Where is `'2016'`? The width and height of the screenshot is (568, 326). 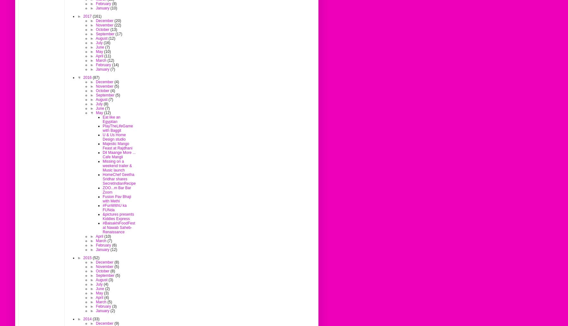 '2016' is located at coordinates (88, 77).